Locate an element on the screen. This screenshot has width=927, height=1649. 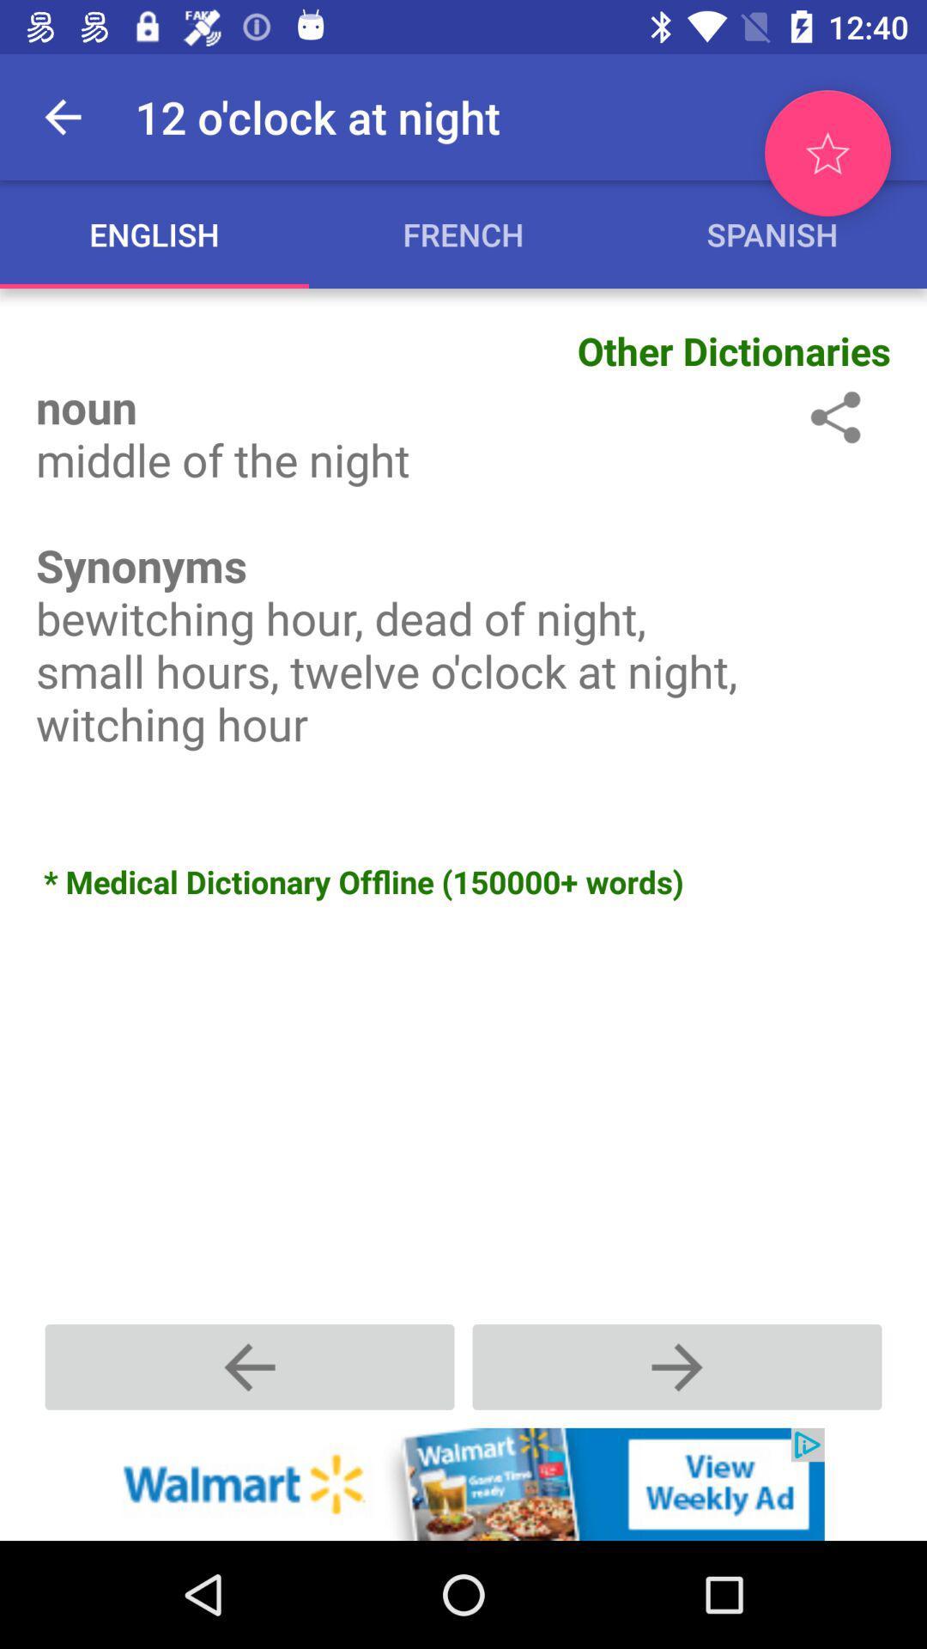
rating is located at coordinates (827, 153).